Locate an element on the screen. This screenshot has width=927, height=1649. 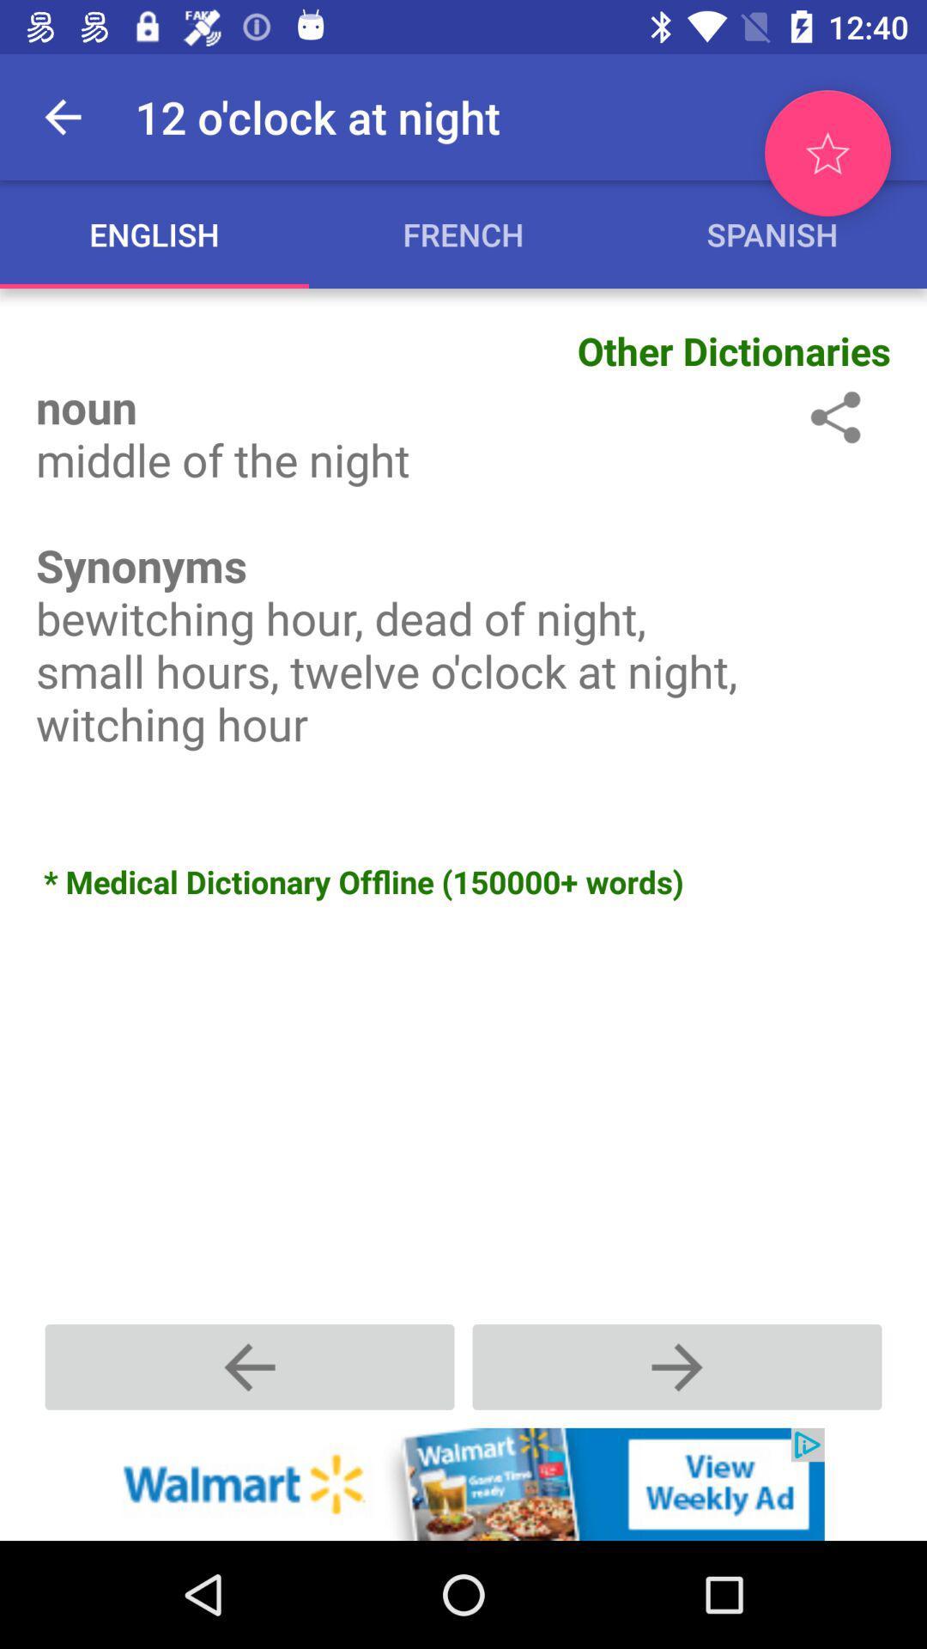
rating is located at coordinates (827, 153).